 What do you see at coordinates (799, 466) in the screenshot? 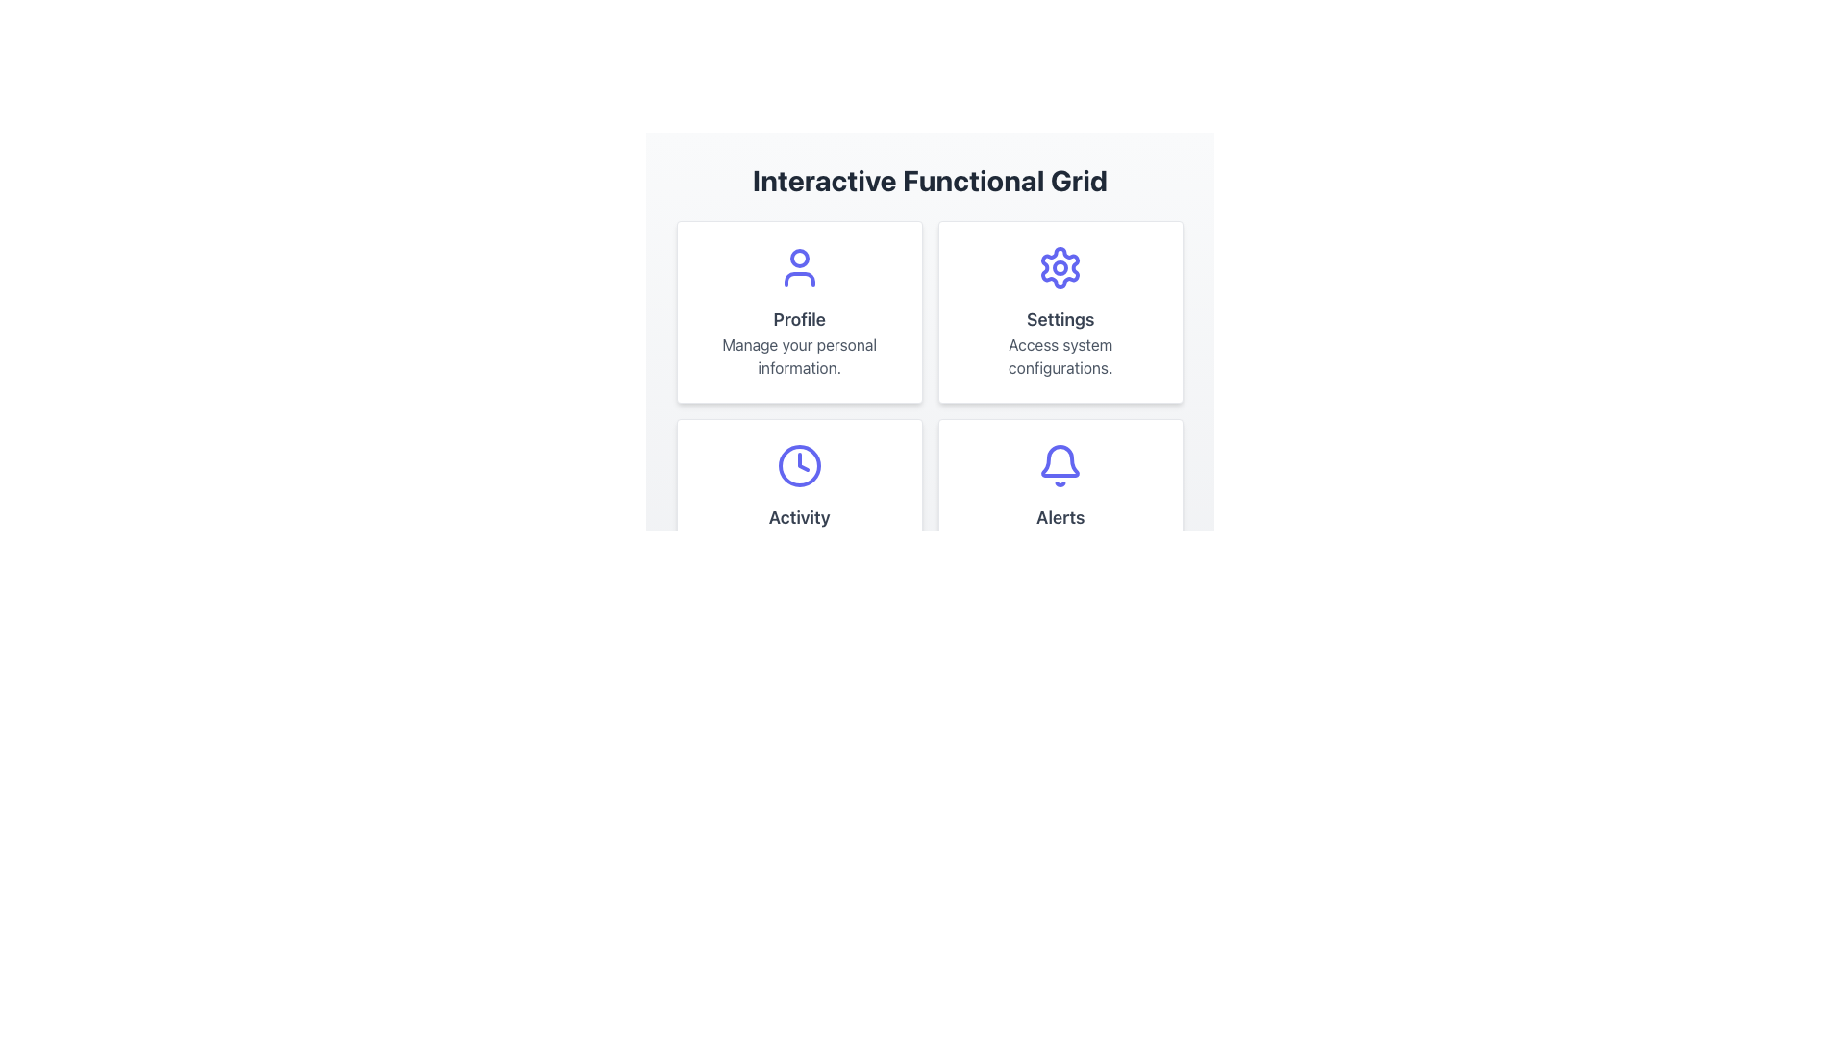
I see `the circle component within the clock icon located in the lower-left rectangular card labeled 'Activity' in the grid layout` at bounding box center [799, 466].